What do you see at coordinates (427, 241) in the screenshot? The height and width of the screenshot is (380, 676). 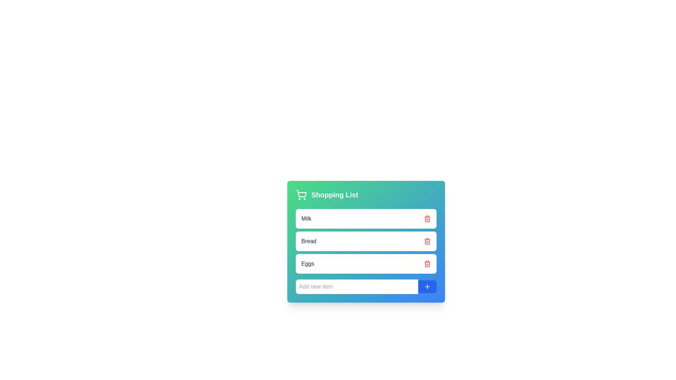 I see `the delete icon located to the right of the 'Bread' entry in the shopping list to observe the hover effects` at bounding box center [427, 241].